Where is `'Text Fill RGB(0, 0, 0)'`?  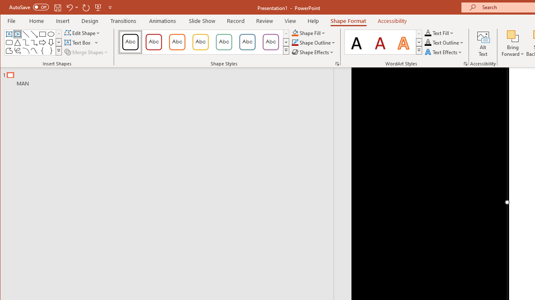 'Text Fill RGB(0, 0, 0)' is located at coordinates (428, 32).